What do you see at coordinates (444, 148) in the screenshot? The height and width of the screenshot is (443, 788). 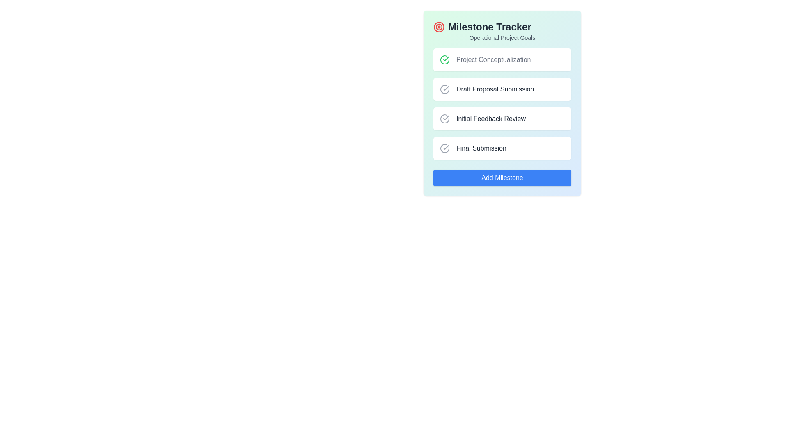 I see `the circular checkmark icon, which has a gray outline and is partially filled, for potential reordering within the section containing similar elements` at bounding box center [444, 148].